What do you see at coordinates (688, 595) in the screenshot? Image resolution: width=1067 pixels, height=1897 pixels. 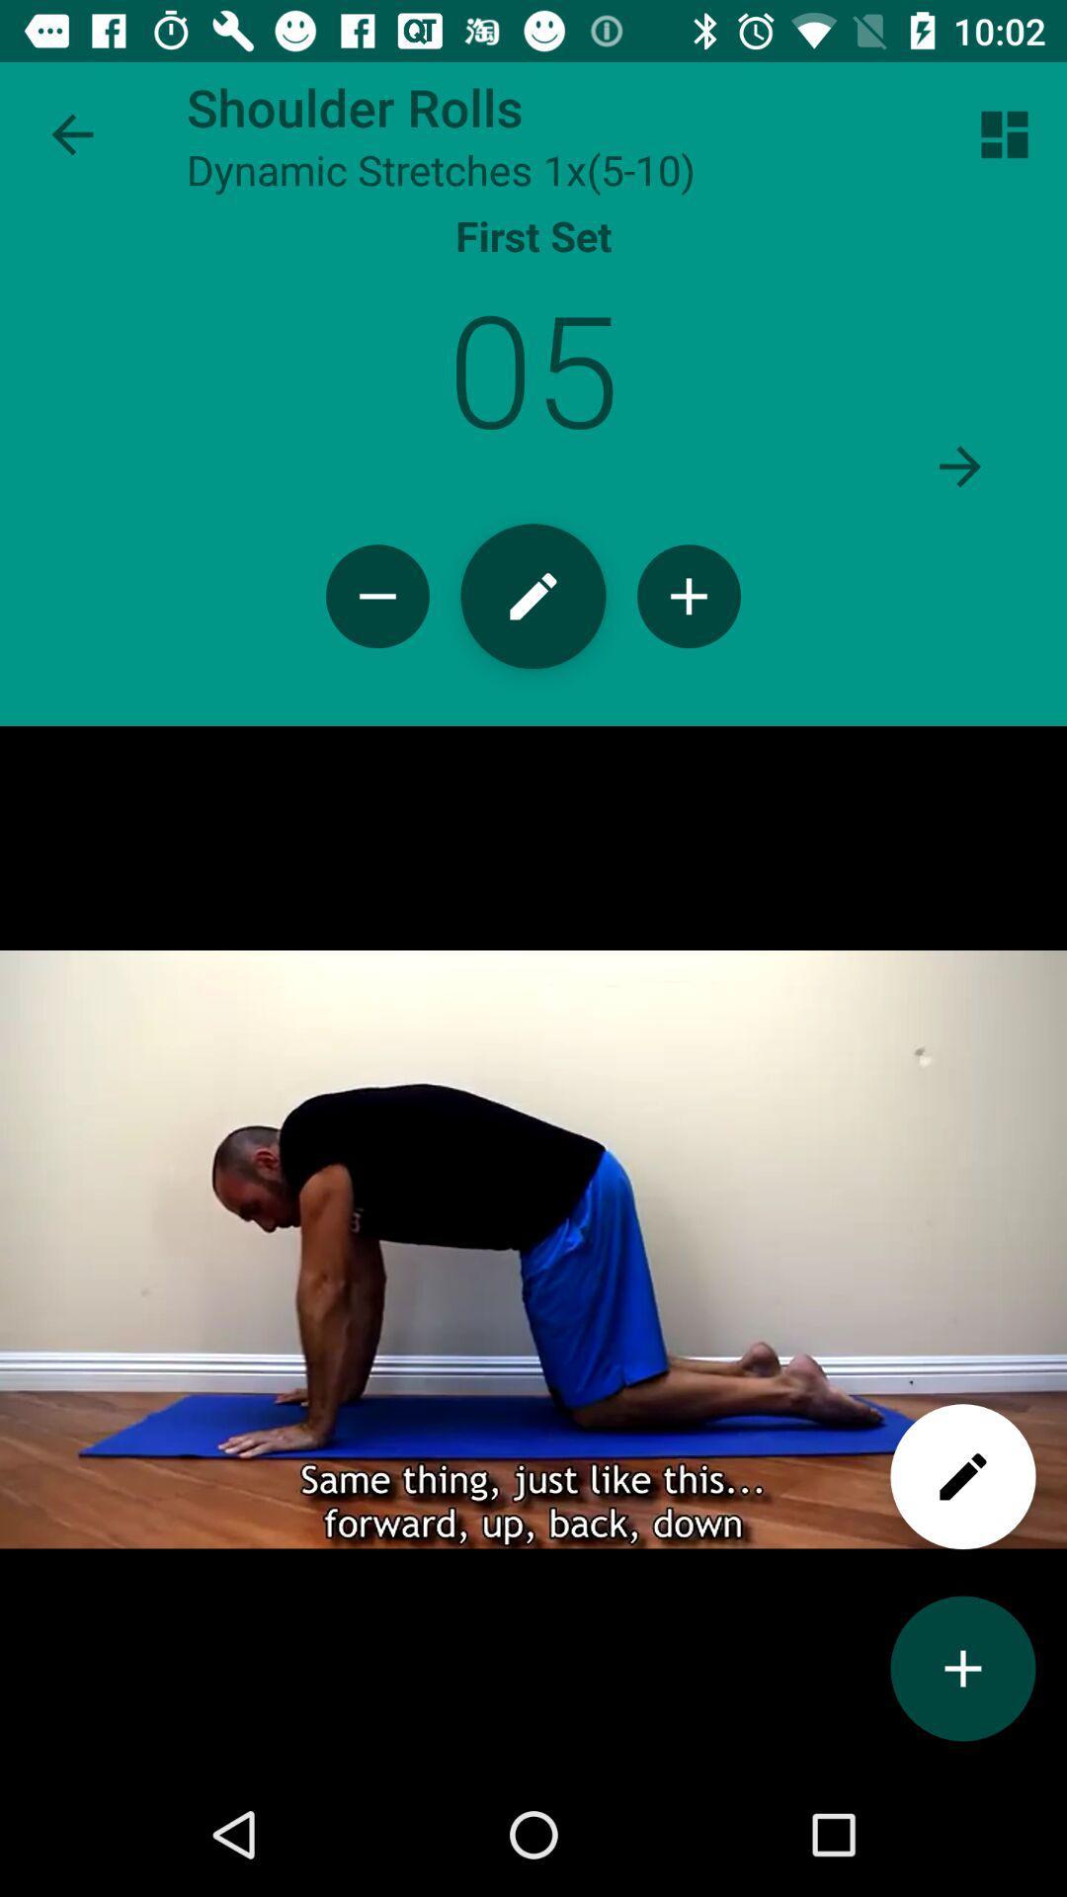 I see `the zoom` at bounding box center [688, 595].